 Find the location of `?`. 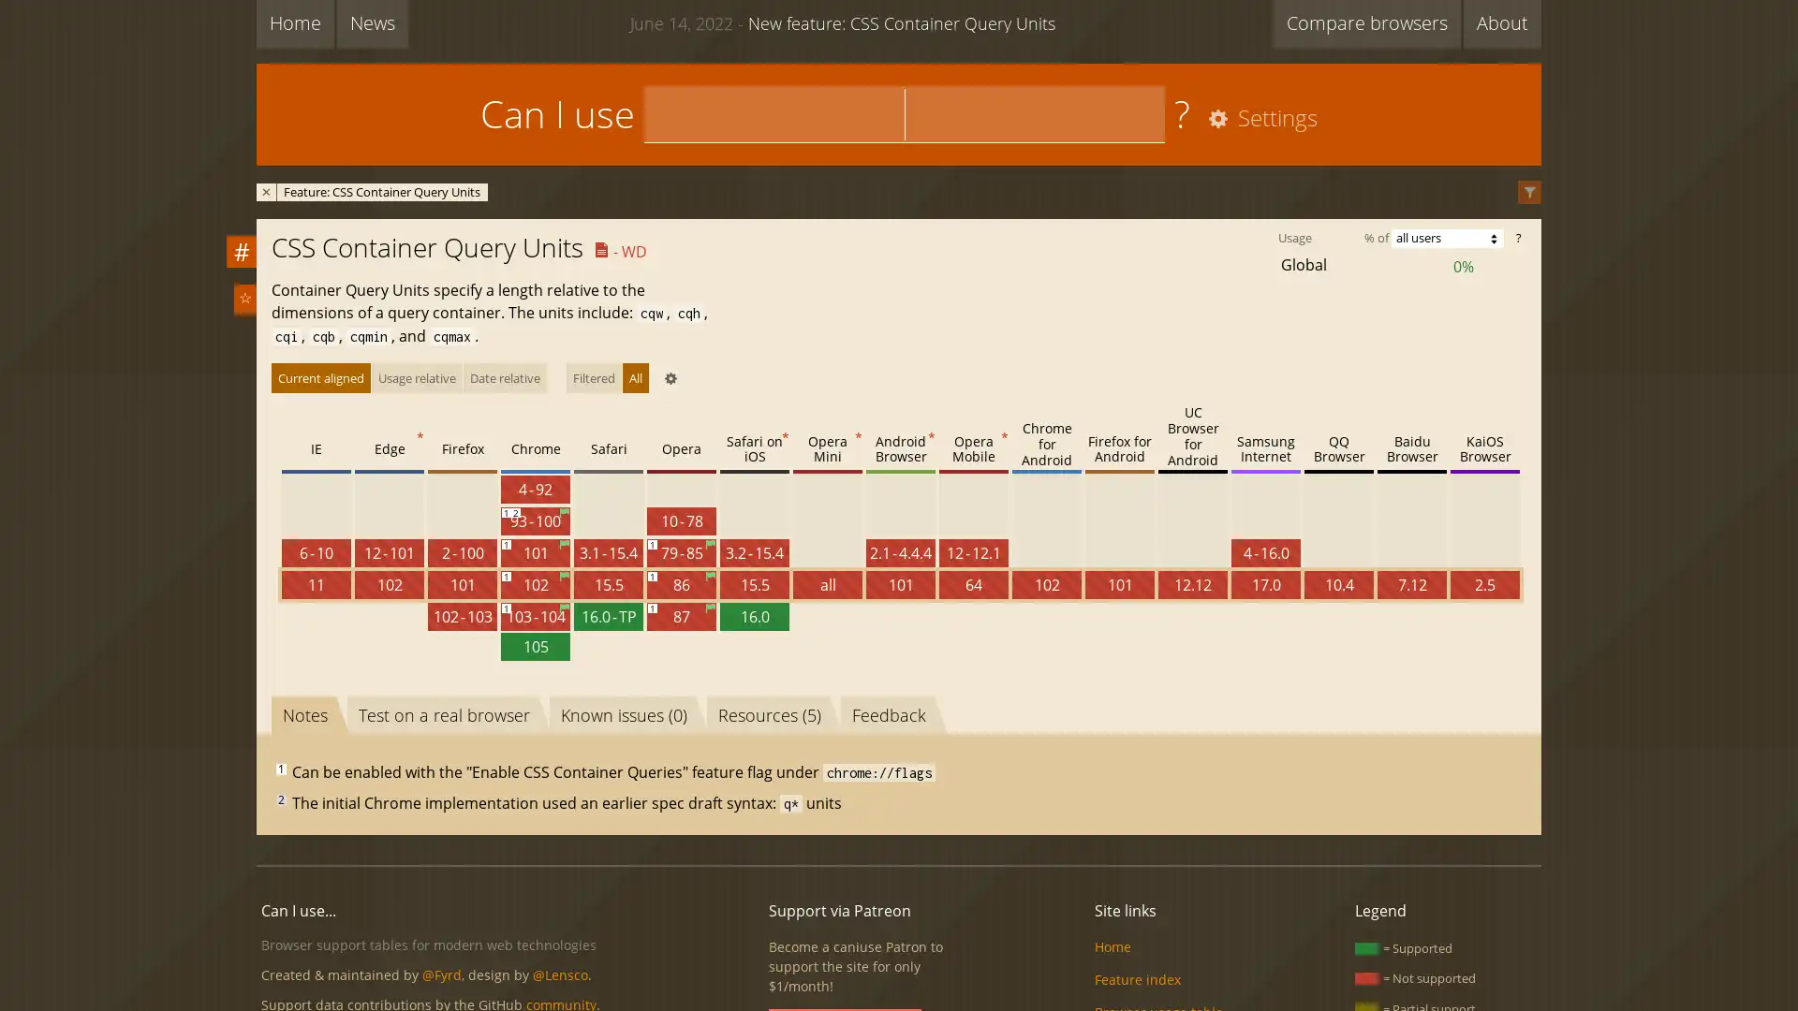

? is located at coordinates (1518, 237).